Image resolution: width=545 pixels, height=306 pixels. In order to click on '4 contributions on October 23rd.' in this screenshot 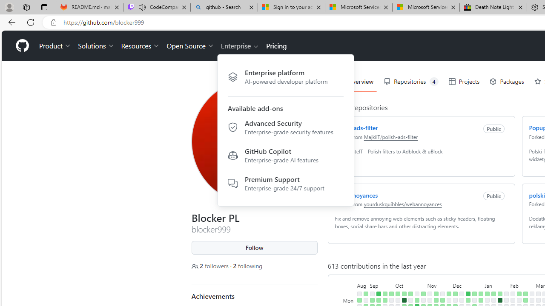, I will do `click(417, 300)`.